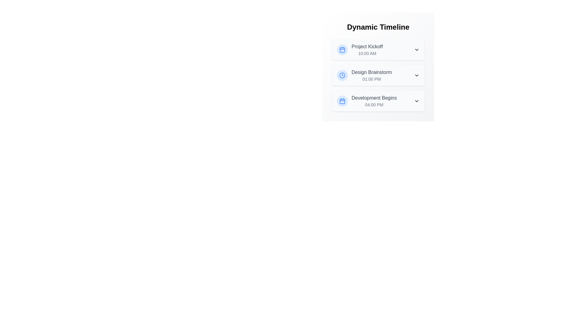  I want to click on time information displayed by the text label showing '10:00 AM' for the 'Project Kickoff' activity, located in the topmost list item of the timeline interface, so click(367, 53).